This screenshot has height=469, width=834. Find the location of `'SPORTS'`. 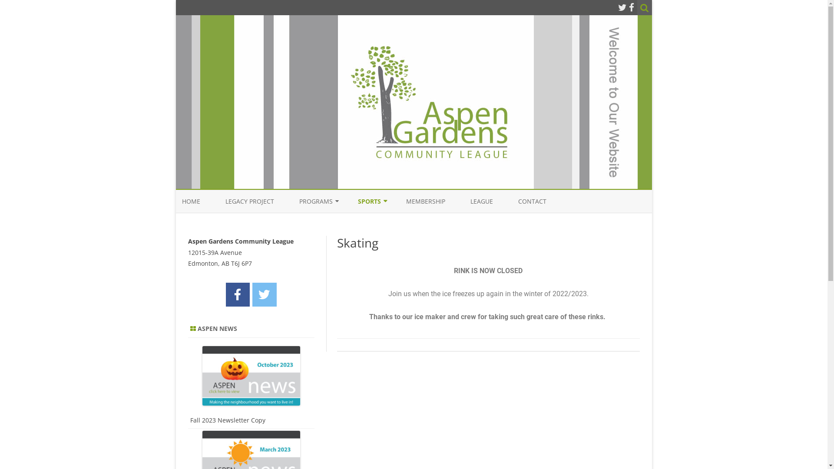

'SPORTS' is located at coordinates (369, 201).